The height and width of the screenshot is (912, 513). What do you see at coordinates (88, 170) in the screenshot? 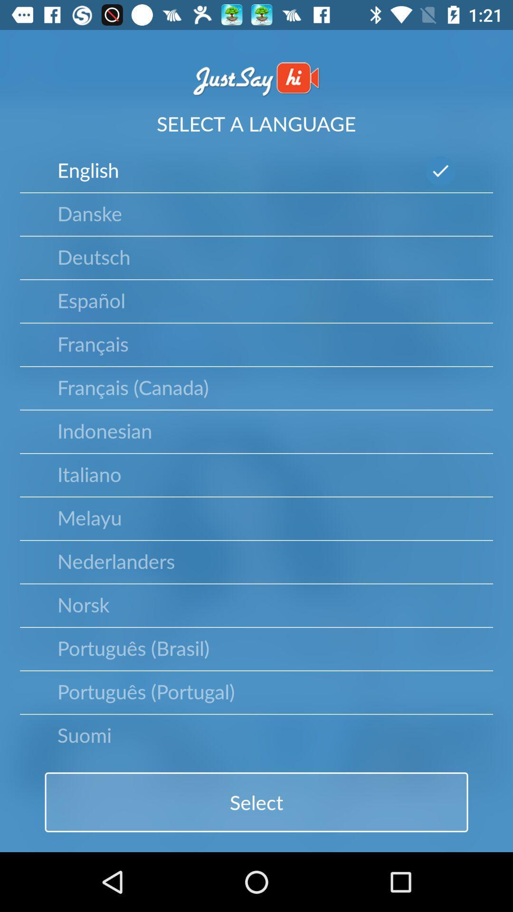
I see `icon above danske` at bounding box center [88, 170].